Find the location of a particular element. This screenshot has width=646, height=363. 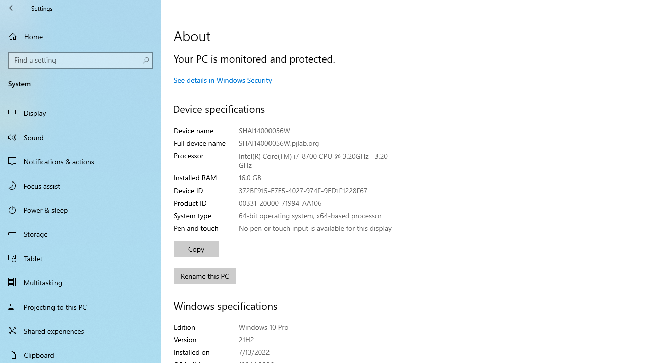

'Multitasking' is located at coordinates (81, 282).